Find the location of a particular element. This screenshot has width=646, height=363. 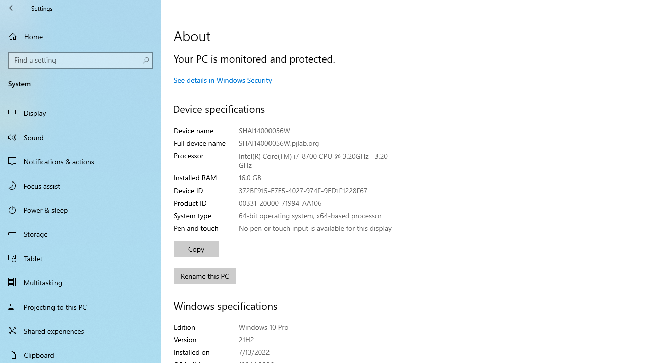

'Multitasking' is located at coordinates (81, 282).